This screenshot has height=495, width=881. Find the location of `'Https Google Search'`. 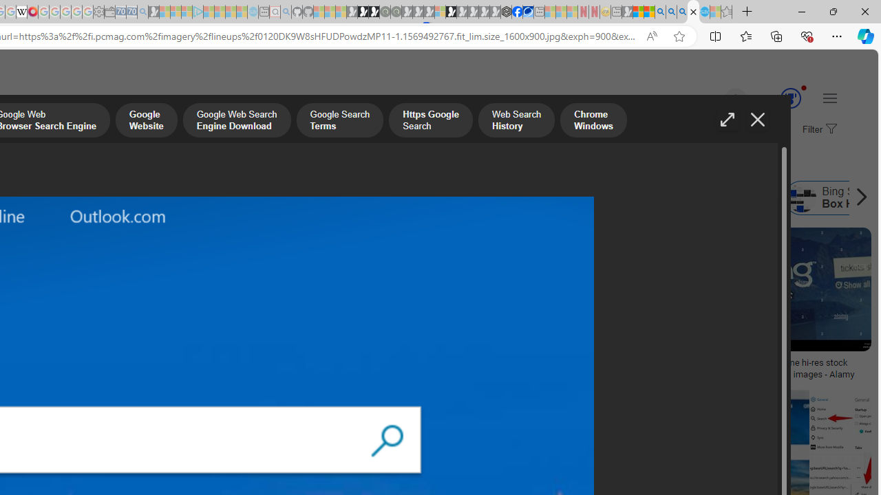

'Https Google Search' is located at coordinates (429, 121).